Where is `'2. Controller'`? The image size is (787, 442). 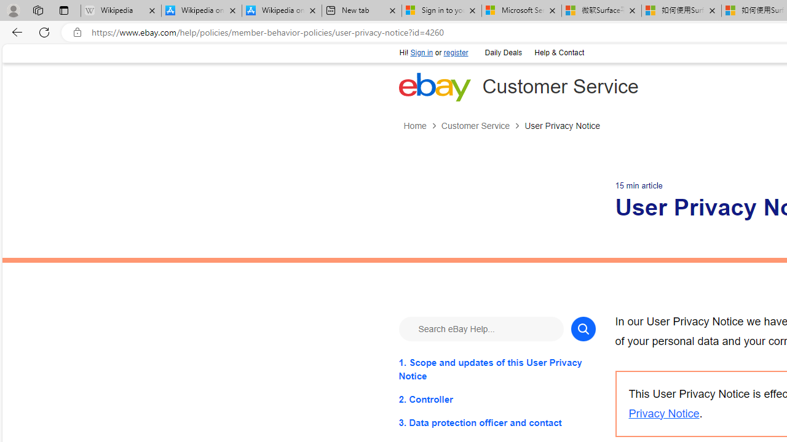
'2. Controller' is located at coordinates (497, 399).